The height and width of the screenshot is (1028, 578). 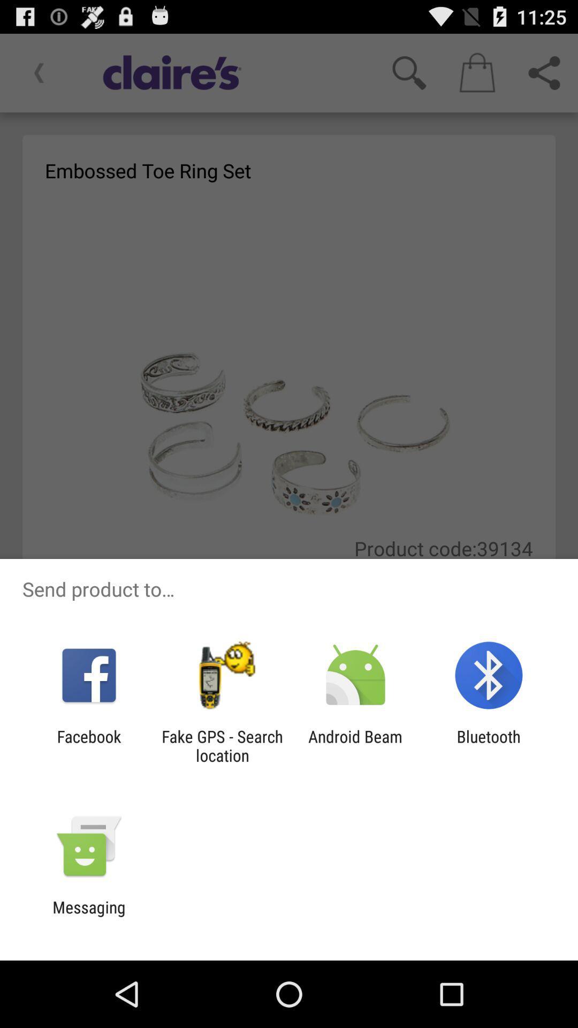 What do you see at coordinates (88, 916) in the screenshot?
I see `messaging app` at bounding box center [88, 916].